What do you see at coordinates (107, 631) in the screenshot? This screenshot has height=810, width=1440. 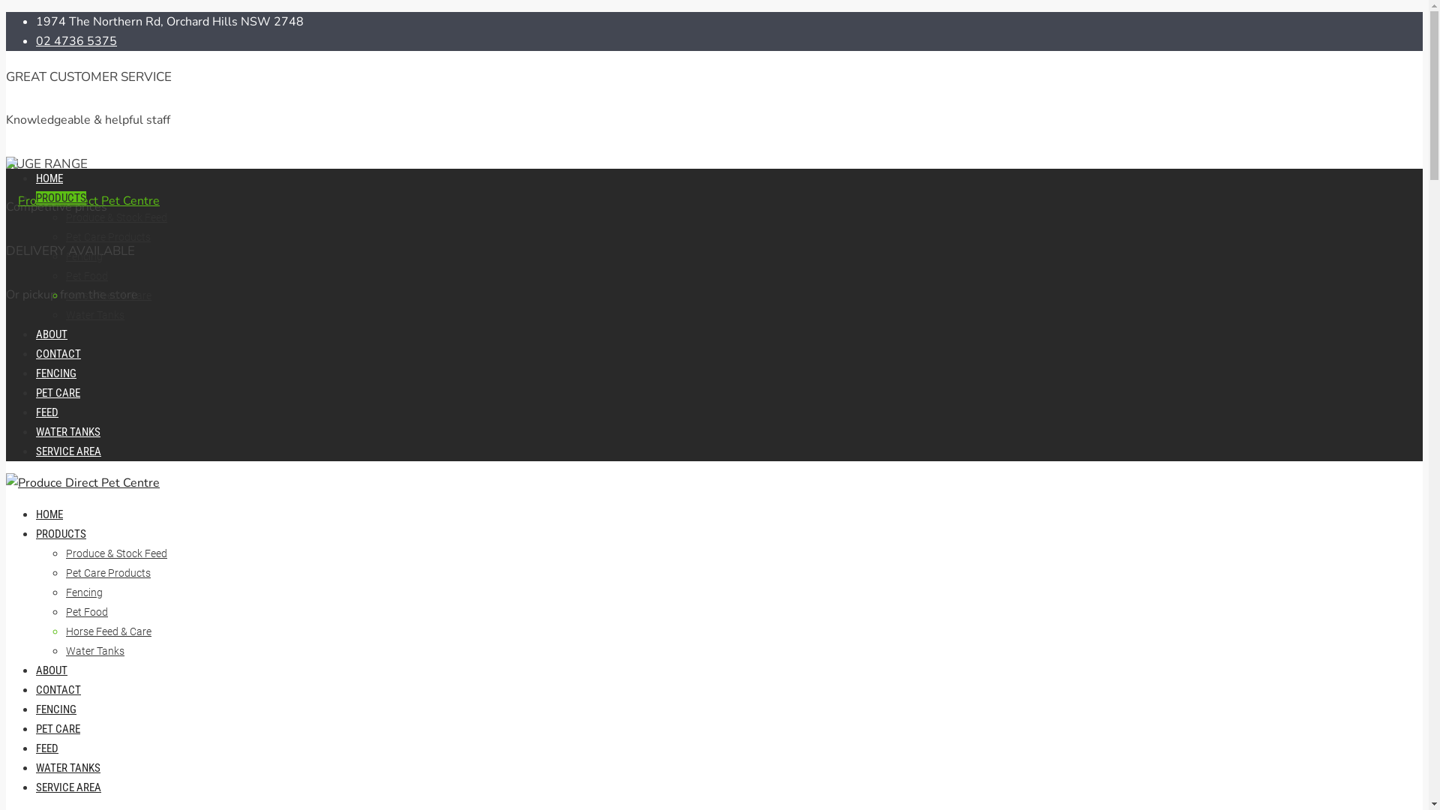 I see `'Horse Feed & Care'` at bounding box center [107, 631].